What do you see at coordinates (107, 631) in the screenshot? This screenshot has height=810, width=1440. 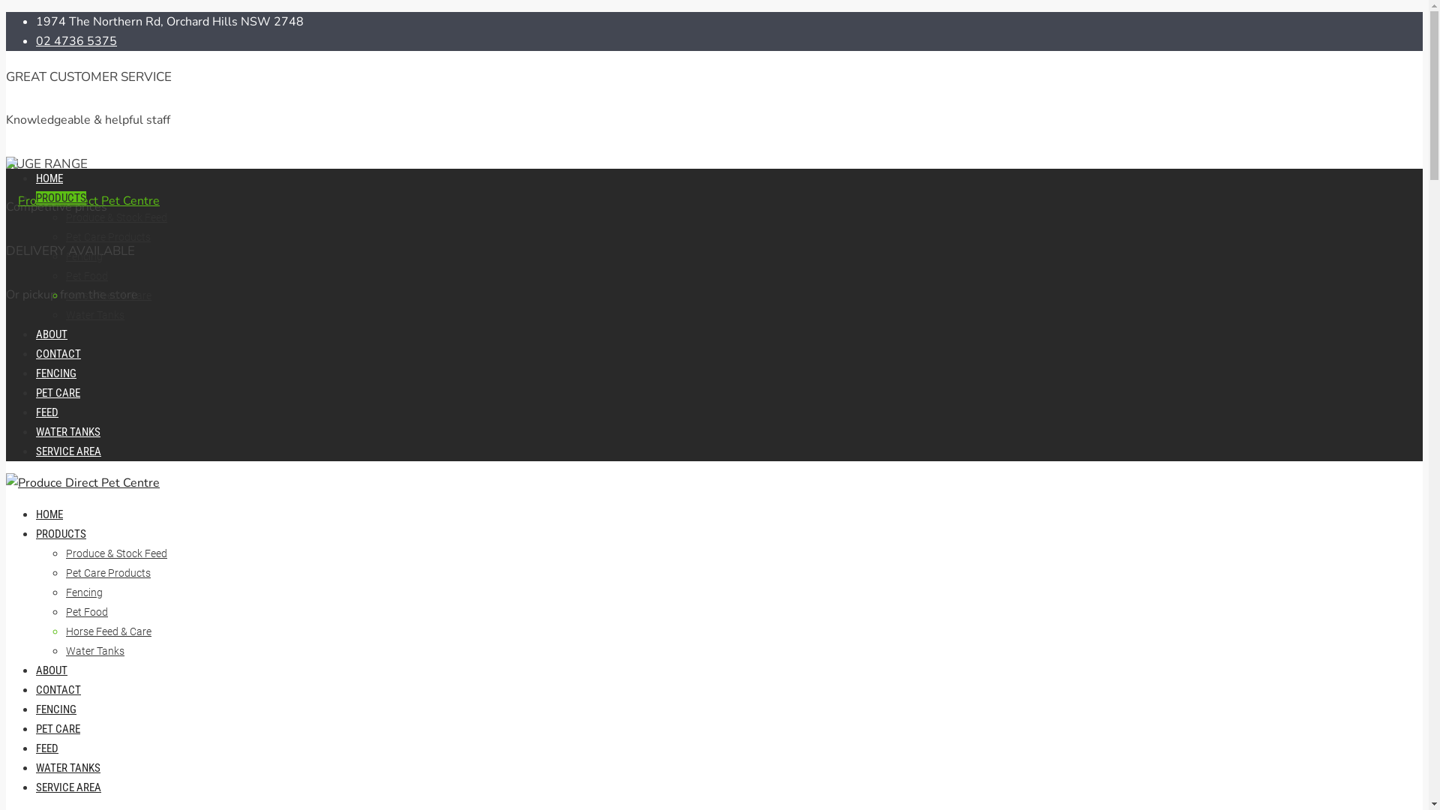 I see `'Horse Feed & Care'` at bounding box center [107, 631].